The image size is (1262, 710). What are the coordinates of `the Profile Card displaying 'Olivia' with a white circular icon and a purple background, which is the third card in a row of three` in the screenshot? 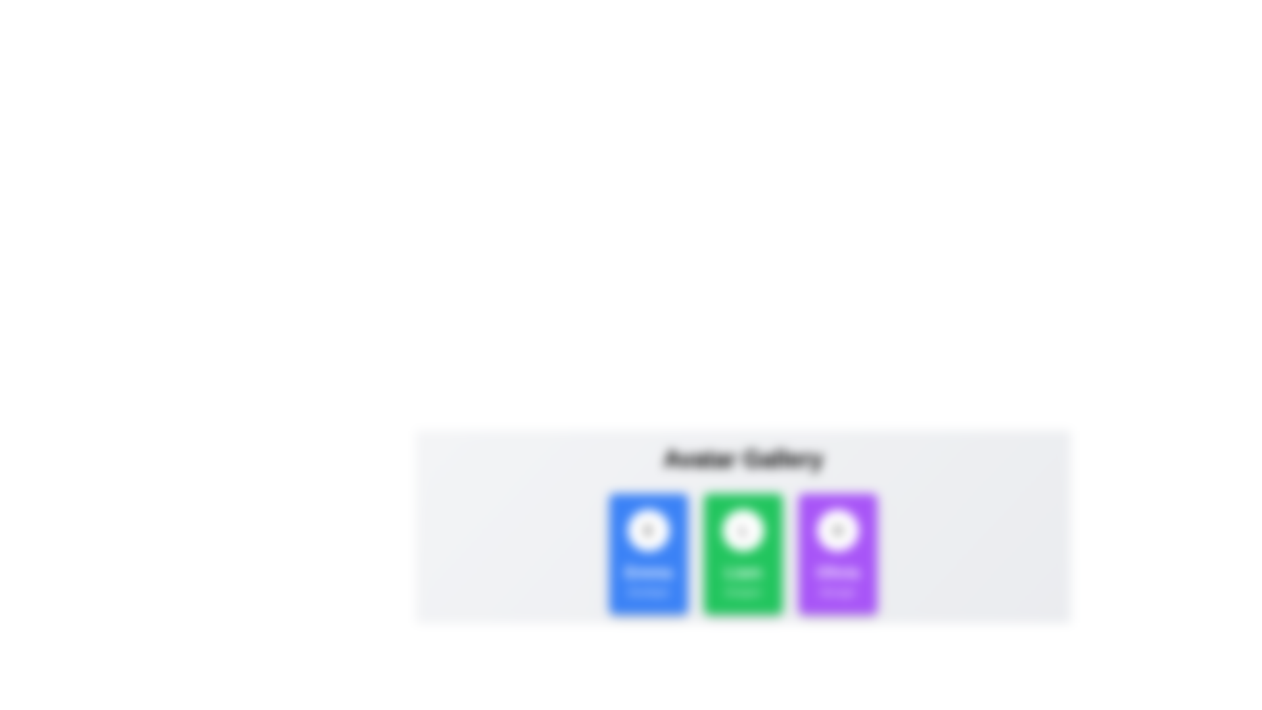 It's located at (837, 554).